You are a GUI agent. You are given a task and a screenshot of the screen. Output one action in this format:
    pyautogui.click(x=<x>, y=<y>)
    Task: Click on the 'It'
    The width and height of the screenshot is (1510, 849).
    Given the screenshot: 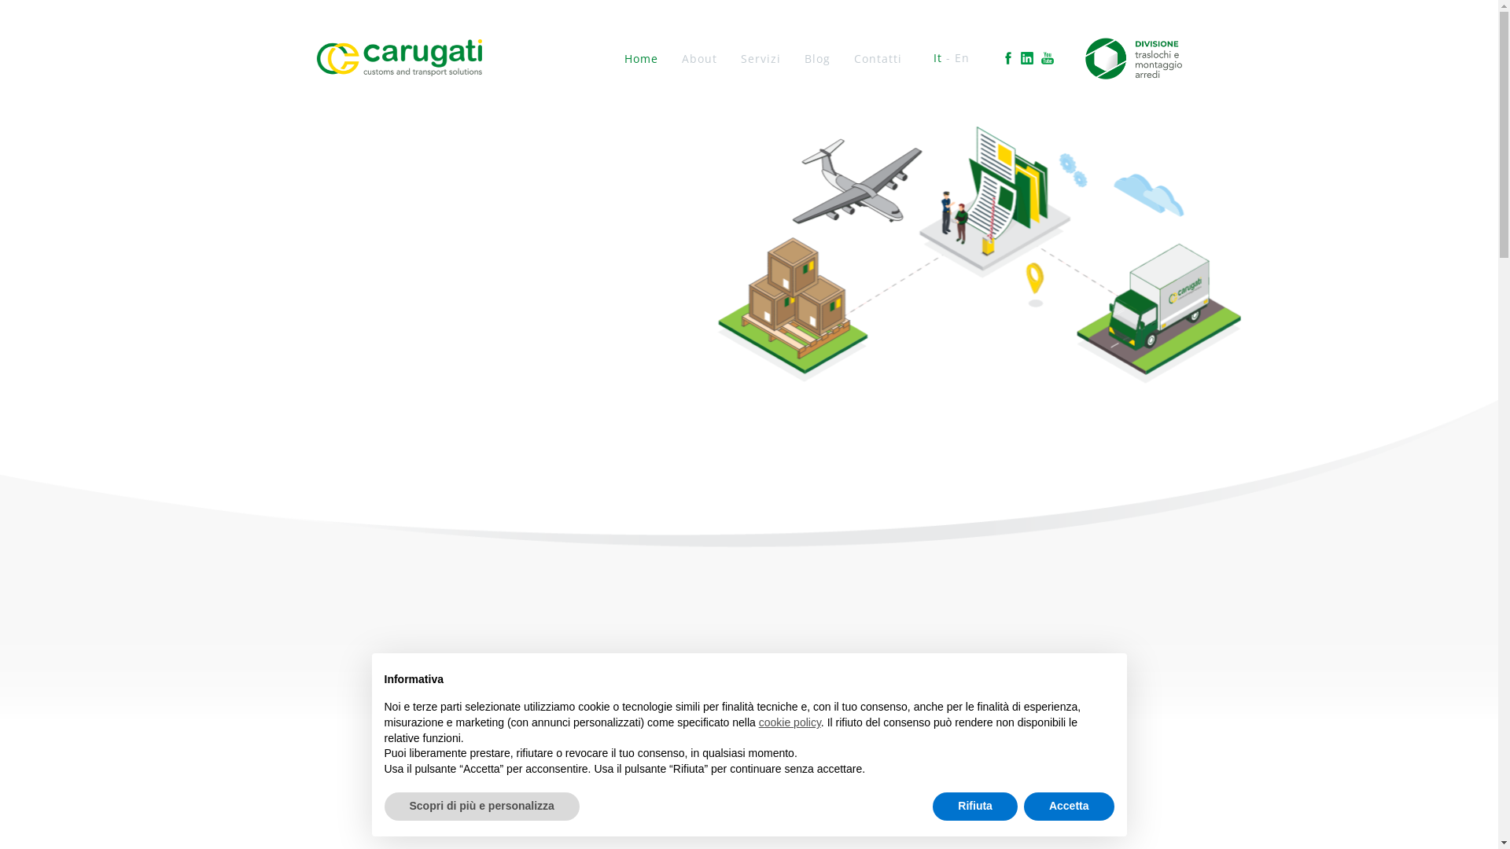 What is the action you would take?
    pyautogui.click(x=937, y=57)
    